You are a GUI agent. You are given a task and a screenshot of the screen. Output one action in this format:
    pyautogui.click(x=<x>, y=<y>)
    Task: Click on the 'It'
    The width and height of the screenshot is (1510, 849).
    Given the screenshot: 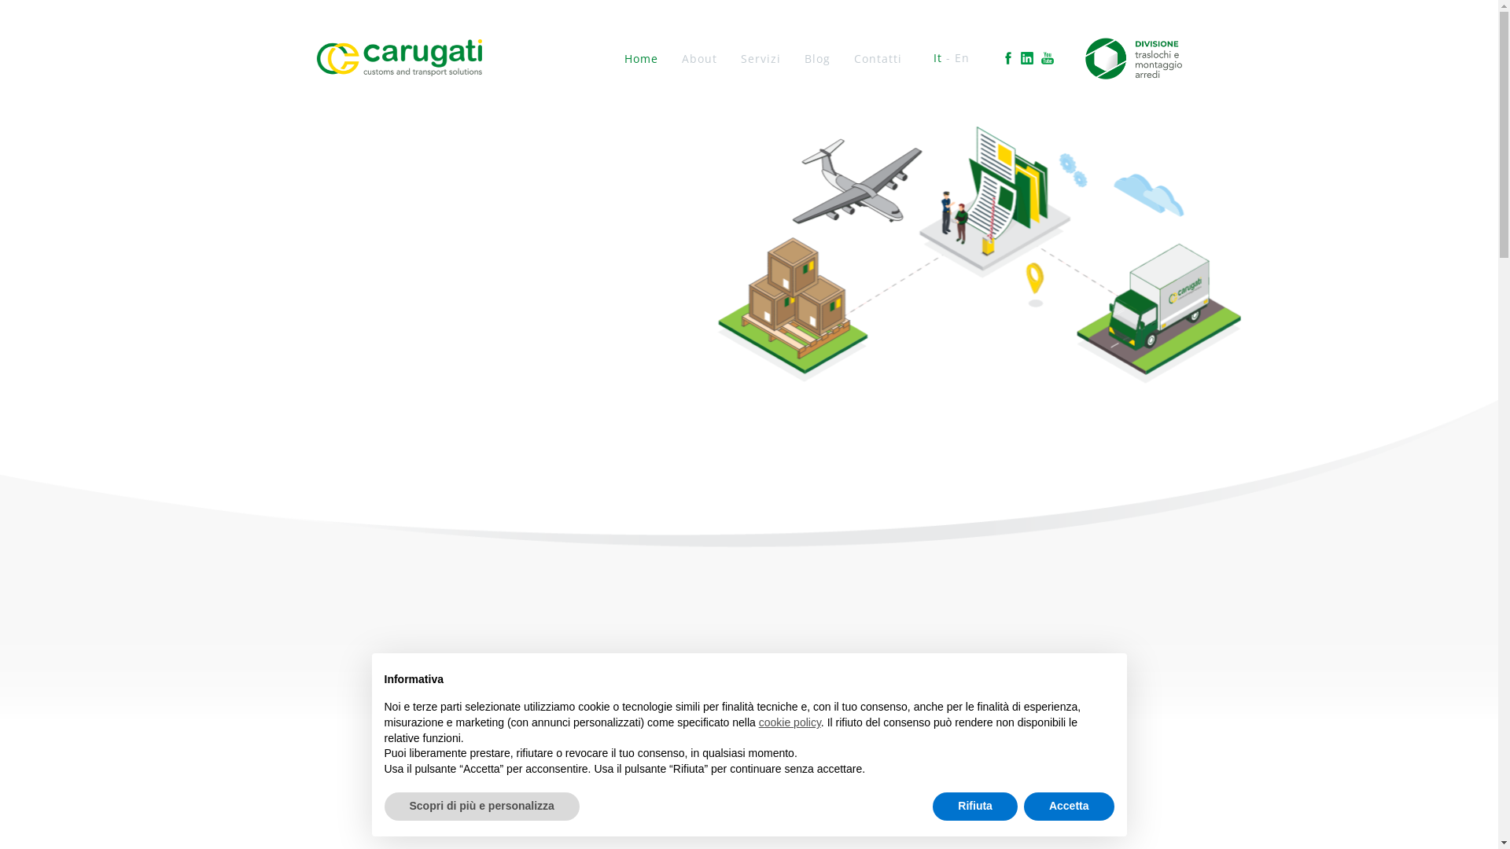 What is the action you would take?
    pyautogui.click(x=937, y=57)
    